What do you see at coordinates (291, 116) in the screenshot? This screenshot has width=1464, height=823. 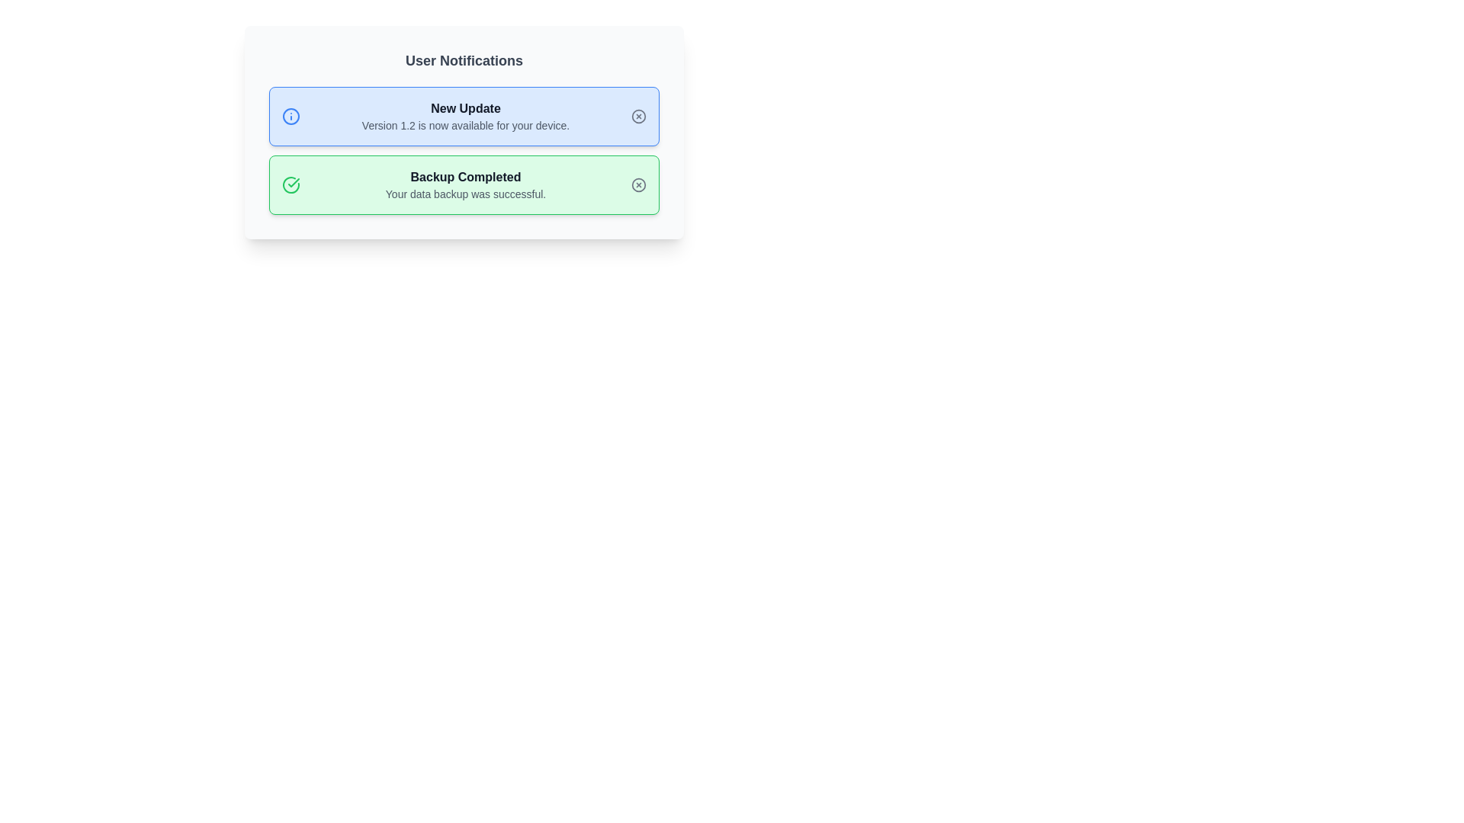 I see `the circular outline of the 'info' icon located on the left side of the blue background area labeled 'New Update'` at bounding box center [291, 116].